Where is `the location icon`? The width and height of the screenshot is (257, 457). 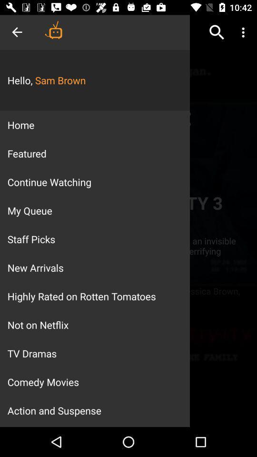 the location icon is located at coordinates (183, 119).